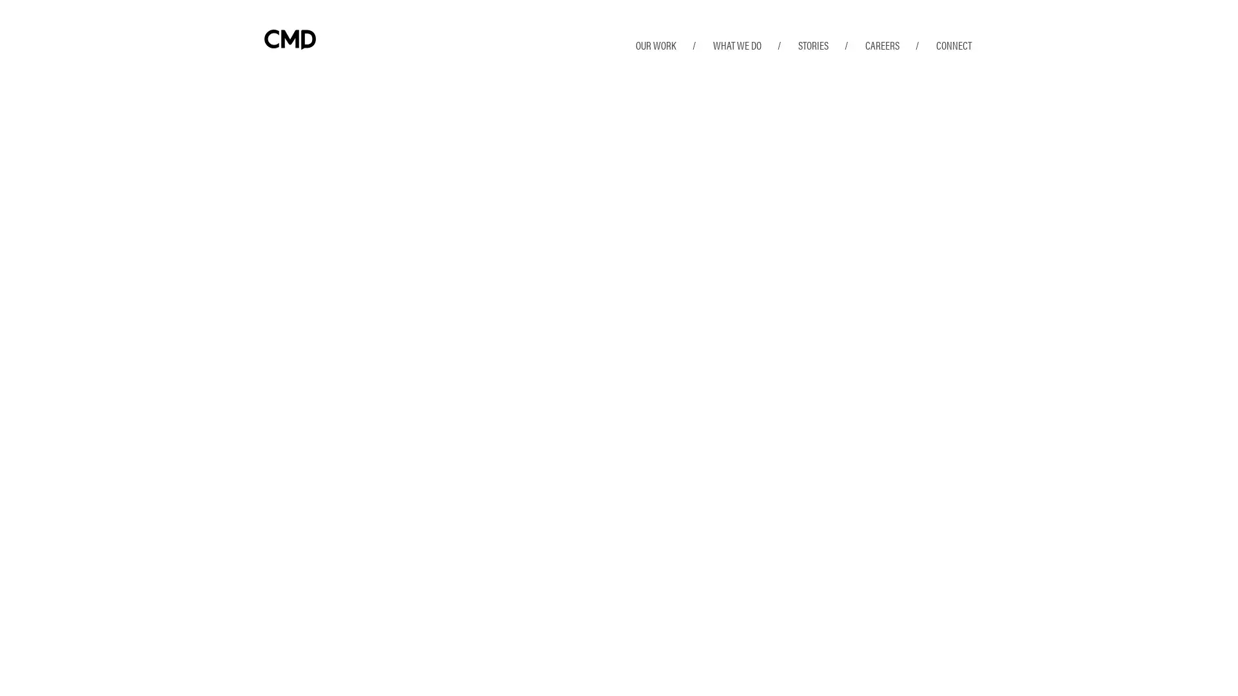 The height and width of the screenshot is (696, 1238). Describe the element at coordinates (328, 506) in the screenshot. I see `Watch our reel` at that location.